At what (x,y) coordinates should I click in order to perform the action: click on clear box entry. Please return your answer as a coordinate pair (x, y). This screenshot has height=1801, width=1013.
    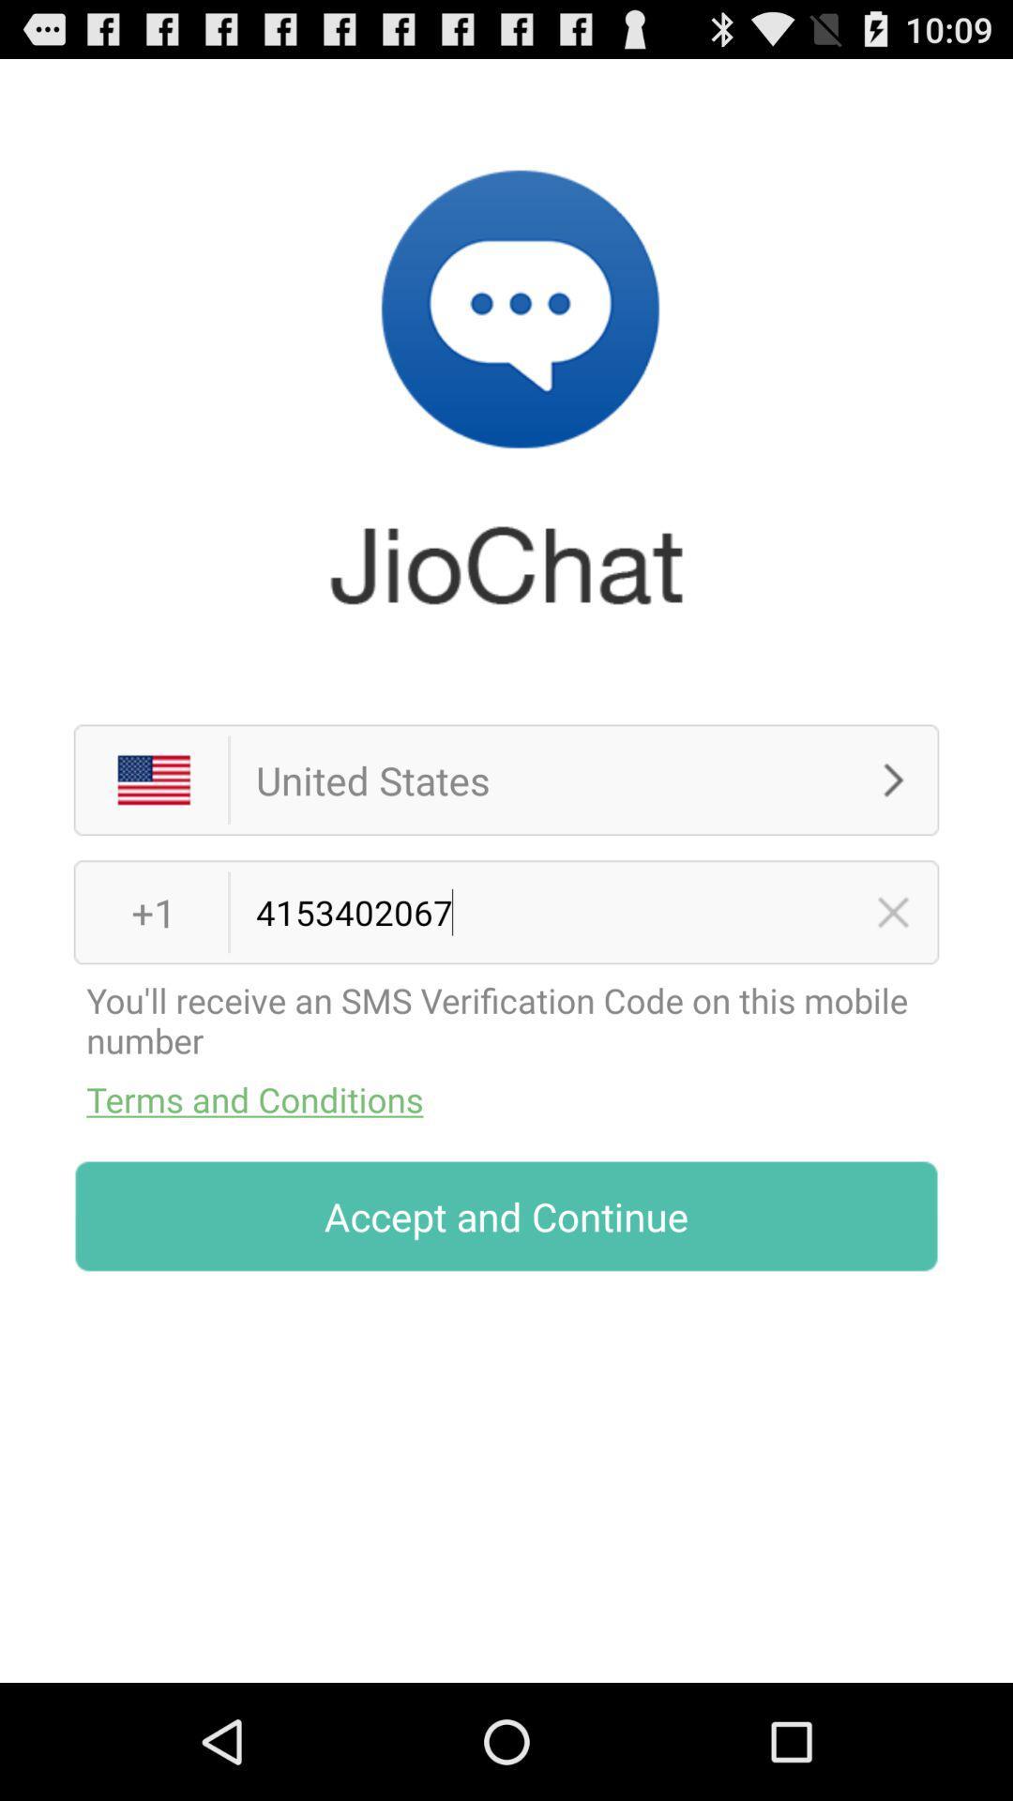
    Looking at the image, I should click on (892, 912).